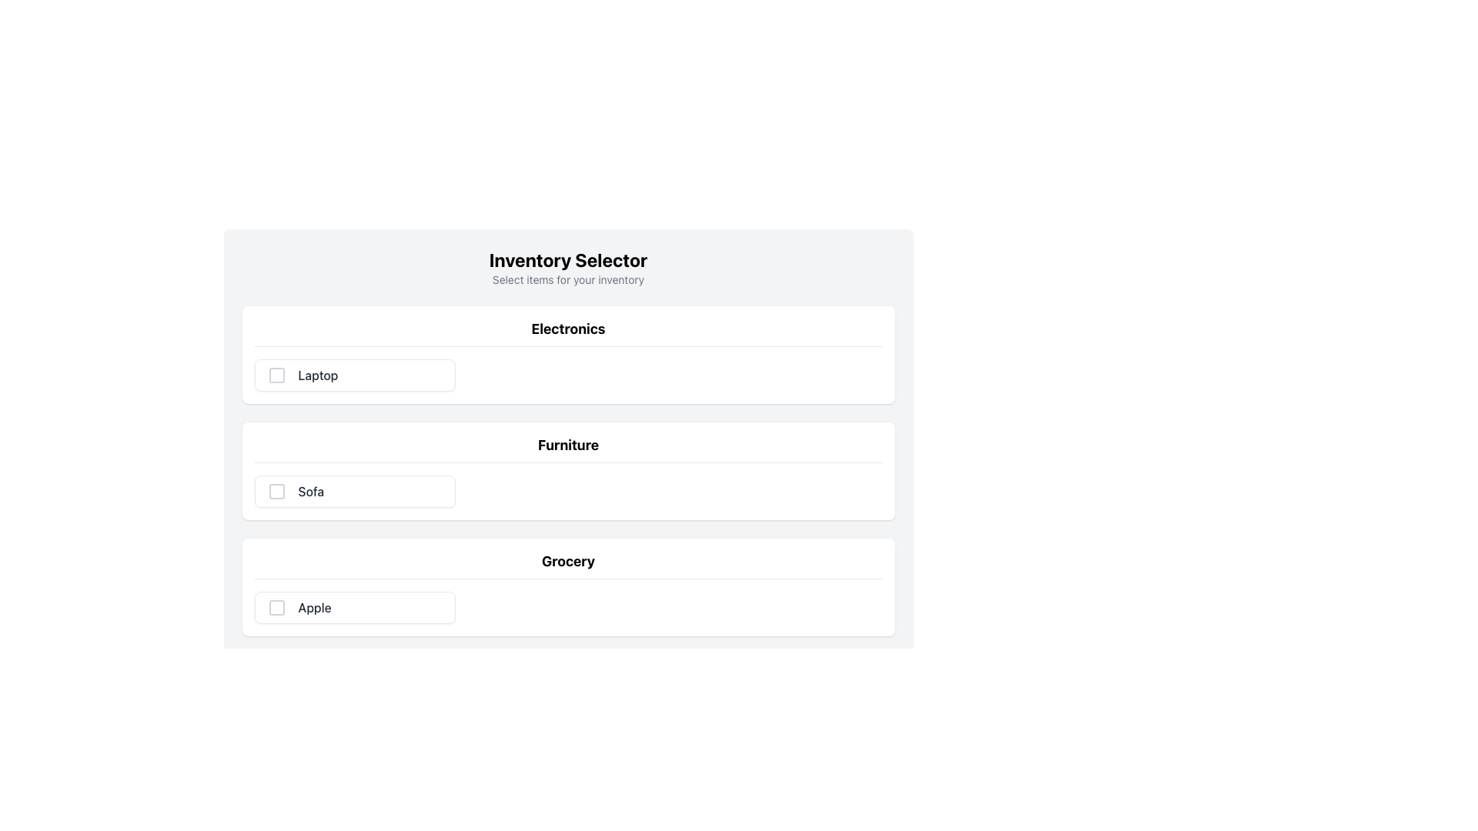 This screenshot has width=1478, height=831. What do you see at coordinates (276, 607) in the screenshot?
I see `the square SVG graphical element with rounded corners, styled in light gray, located in the third section labeled 'Grocery' next to 'Apple'` at bounding box center [276, 607].